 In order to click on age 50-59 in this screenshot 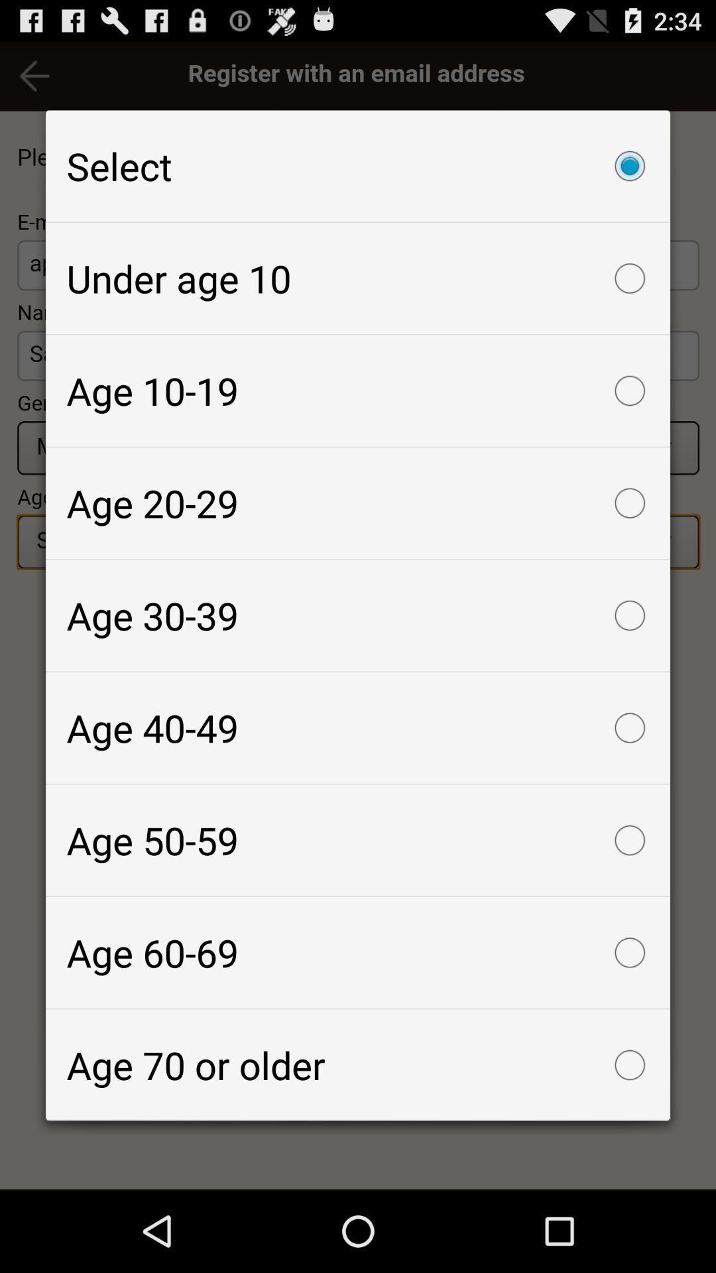, I will do `click(358, 839)`.